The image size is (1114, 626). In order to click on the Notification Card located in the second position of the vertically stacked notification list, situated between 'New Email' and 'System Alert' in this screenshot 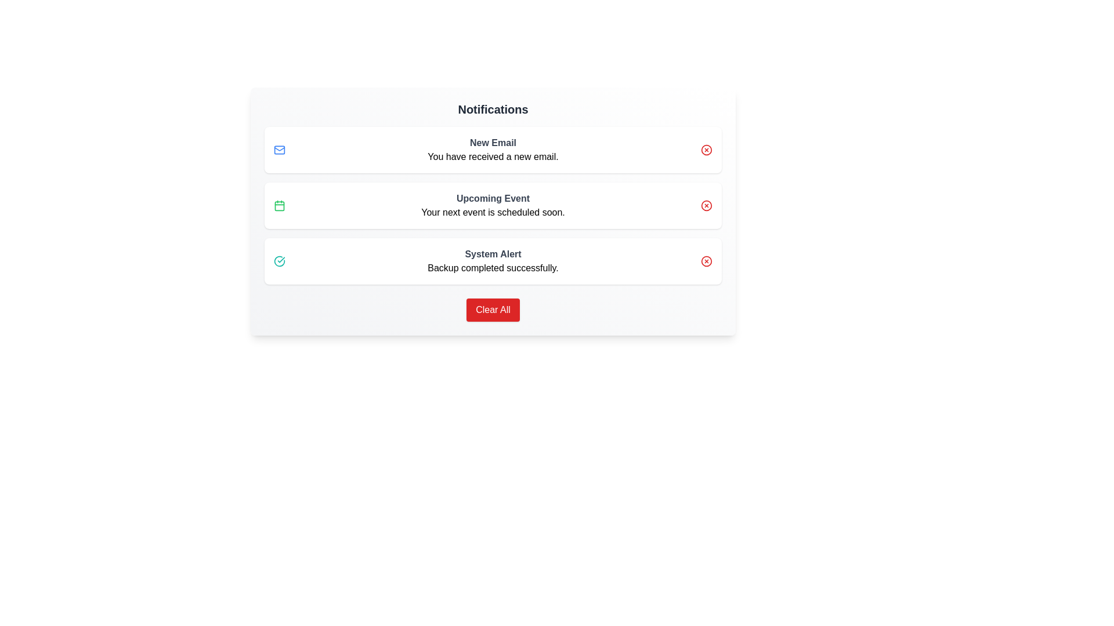, I will do `click(493, 205)`.